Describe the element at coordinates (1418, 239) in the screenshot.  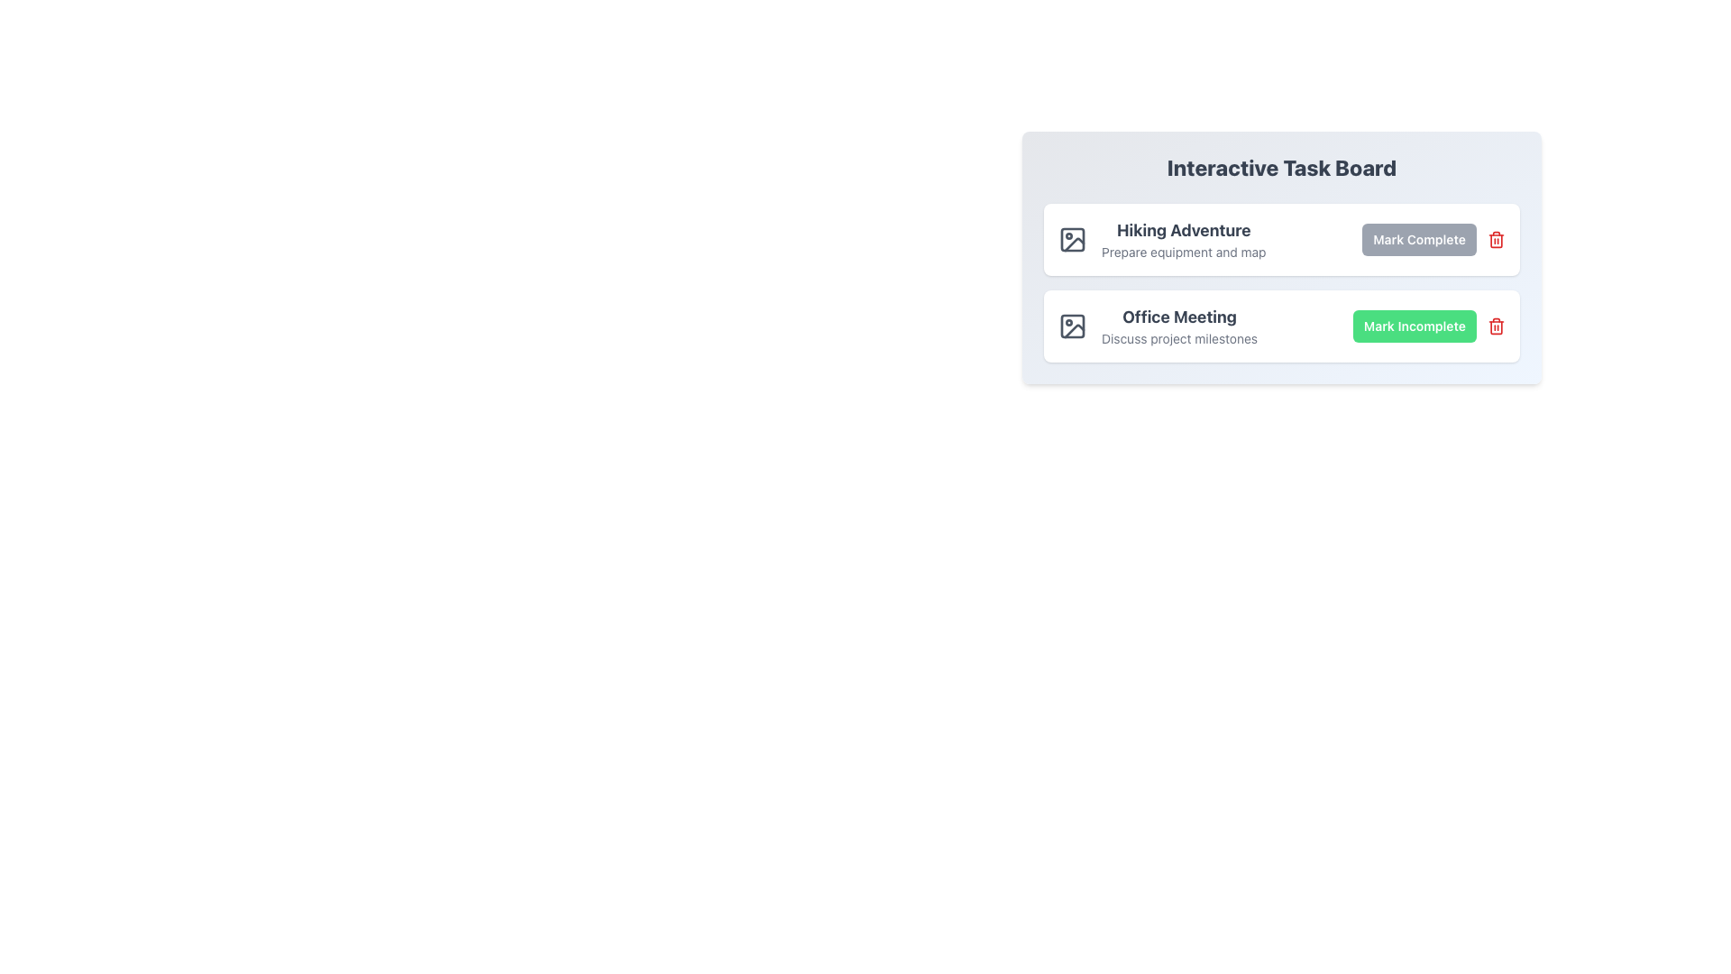
I see `the 'Mark Complete' button, which is a rounded rectangular button with gray background and white bold text, located on the right side of the 'Hiking Adventure' task entry` at that location.